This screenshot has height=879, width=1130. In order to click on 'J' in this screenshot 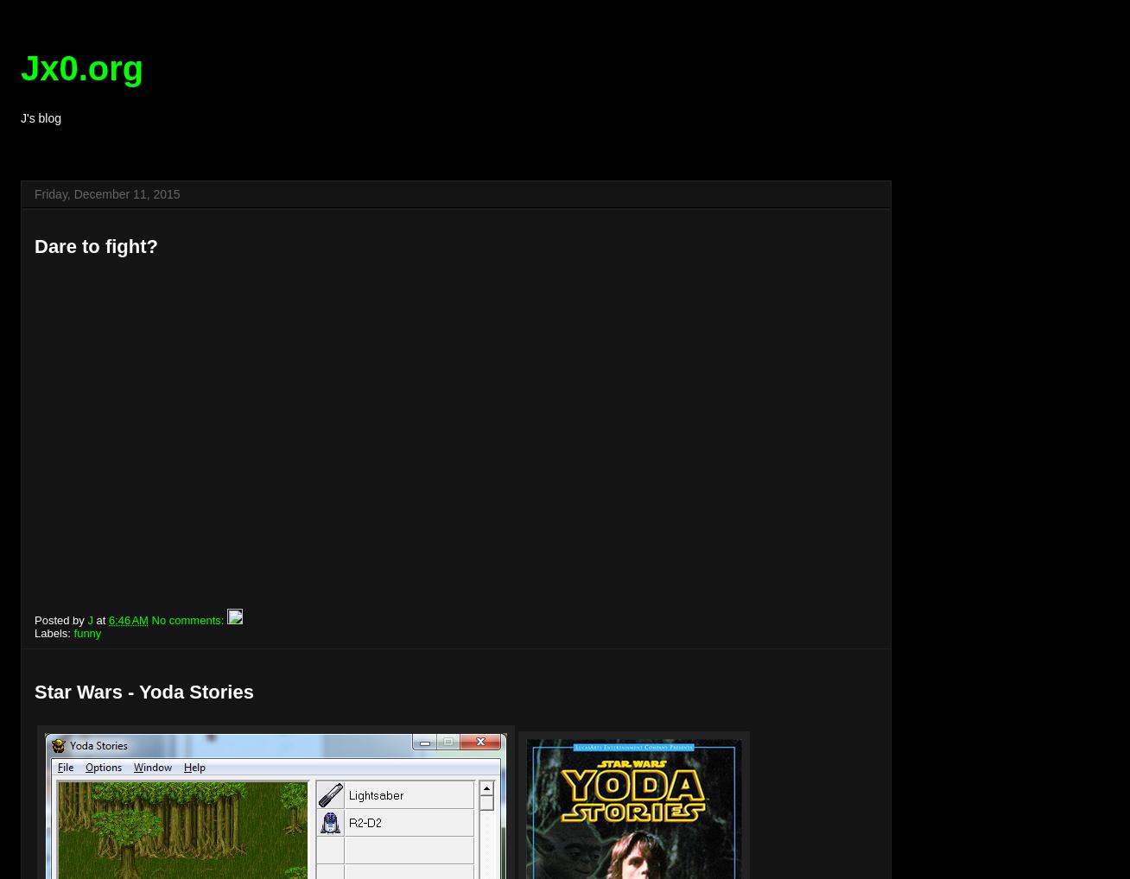, I will do `click(88, 619)`.